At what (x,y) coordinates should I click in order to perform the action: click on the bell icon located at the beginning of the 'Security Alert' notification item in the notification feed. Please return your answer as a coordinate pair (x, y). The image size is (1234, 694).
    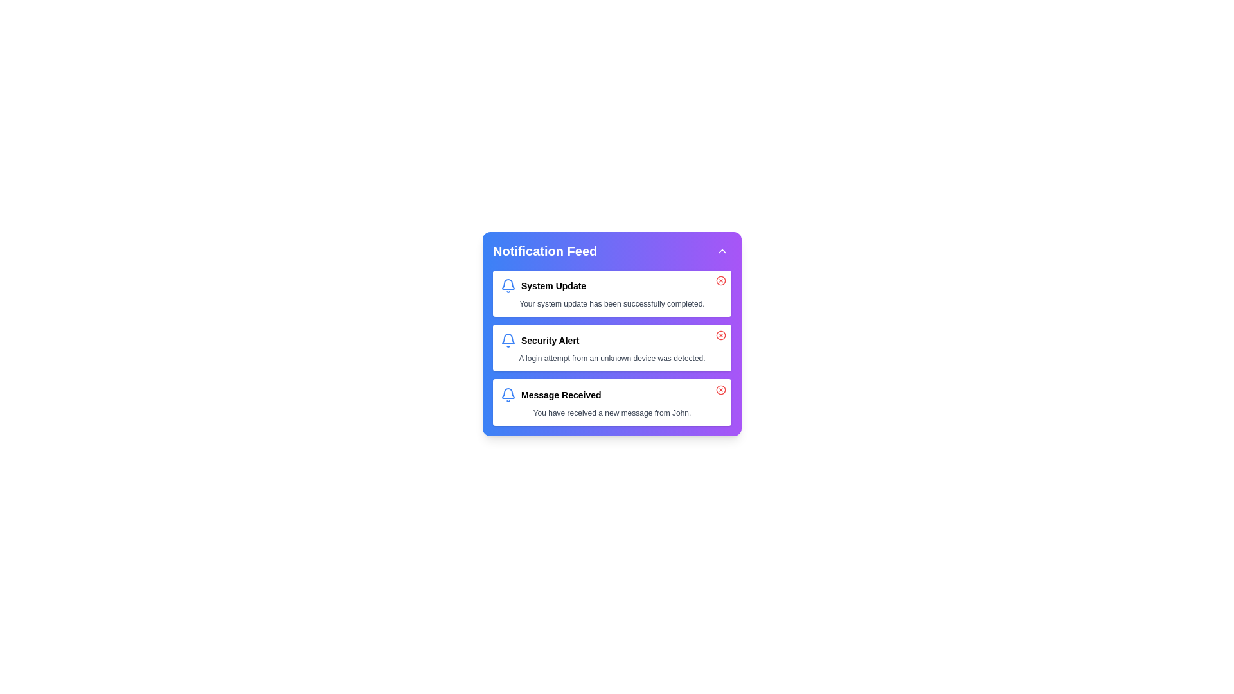
    Looking at the image, I should click on (508, 339).